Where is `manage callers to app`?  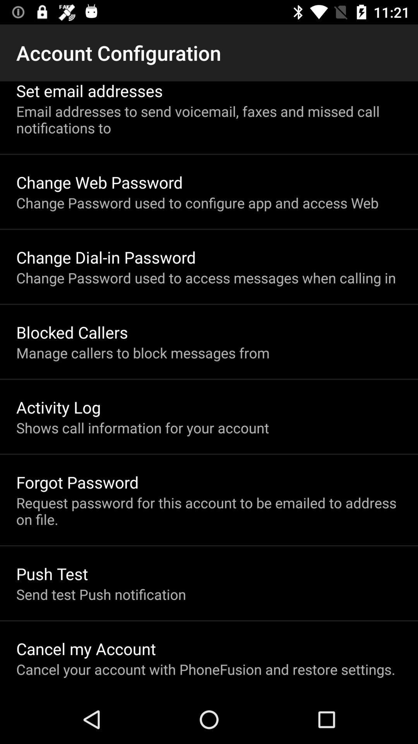
manage callers to app is located at coordinates (143, 352).